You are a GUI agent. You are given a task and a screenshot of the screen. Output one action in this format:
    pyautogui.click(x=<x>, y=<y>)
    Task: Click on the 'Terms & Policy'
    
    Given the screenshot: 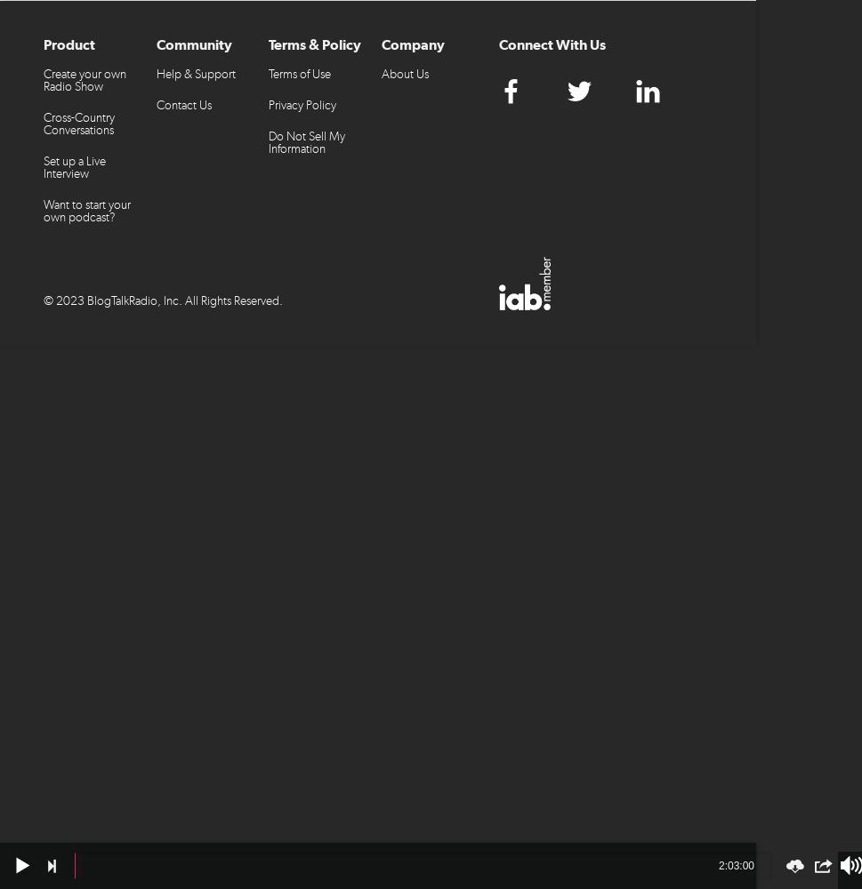 What is the action you would take?
    pyautogui.click(x=314, y=44)
    